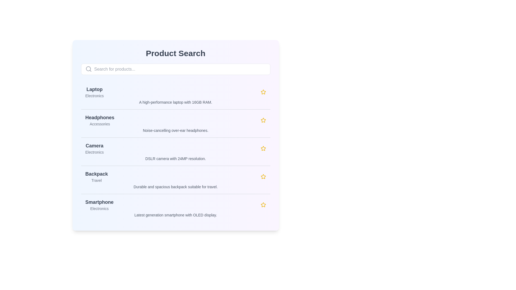 The height and width of the screenshot is (290, 516). Describe the element at coordinates (100, 117) in the screenshot. I see `text from the Text Label that serves as the primary title for a product entry in the 'HeadphonesAccessories' group, located slightly below the top center of the list` at that location.